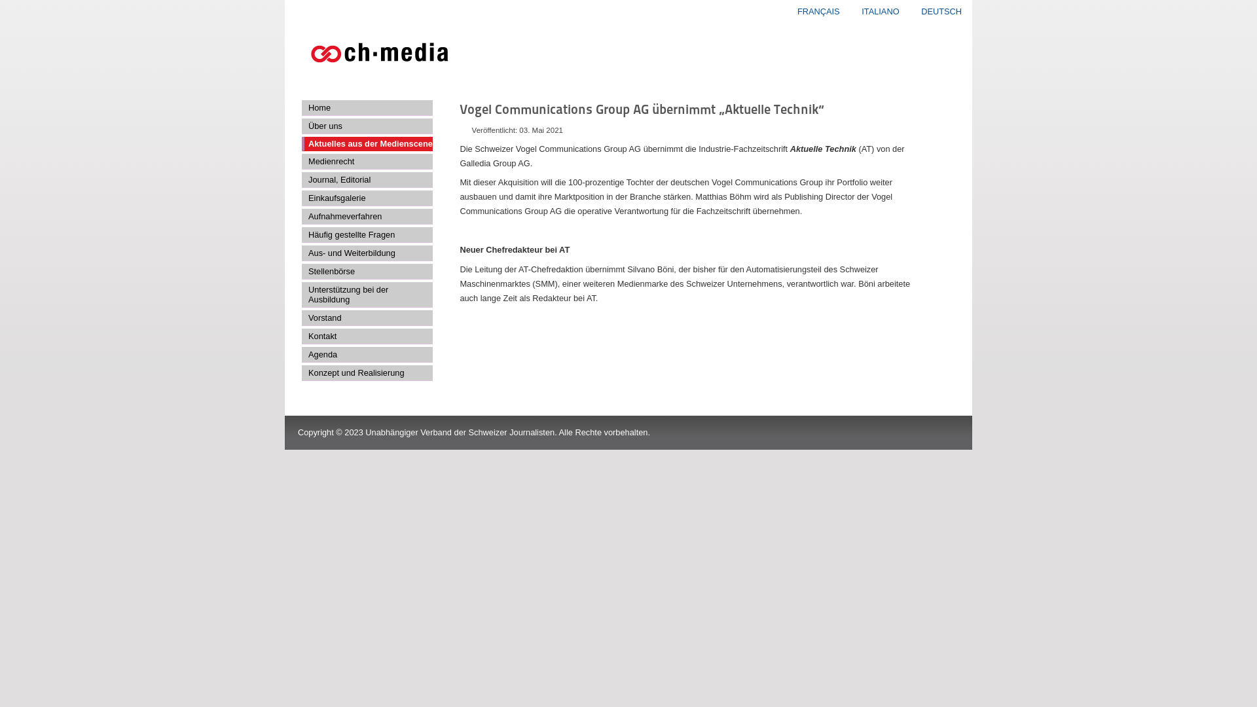 Image resolution: width=1257 pixels, height=707 pixels. What do you see at coordinates (367, 216) in the screenshot?
I see `'Aufnahmeverfahren'` at bounding box center [367, 216].